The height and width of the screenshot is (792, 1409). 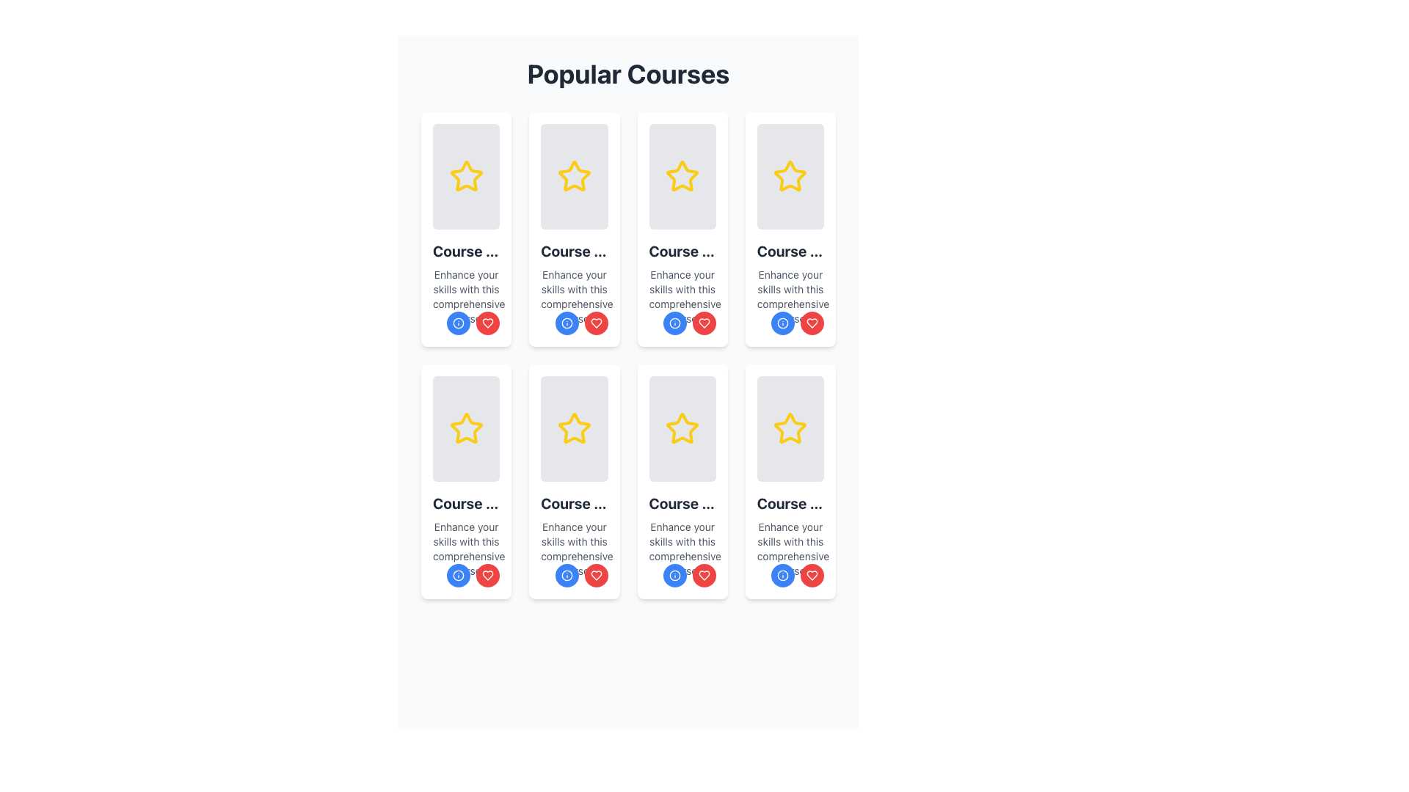 I want to click on text 'Enhance your skills with this comprehensive course.' located in the eighth card of the grid layout, positioned below 'Course Title 8', so click(x=790, y=549).